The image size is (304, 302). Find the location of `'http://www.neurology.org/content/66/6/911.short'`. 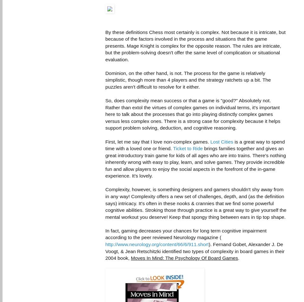

'http://www.neurology.org/content/66/6/911.short' is located at coordinates (156, 244).